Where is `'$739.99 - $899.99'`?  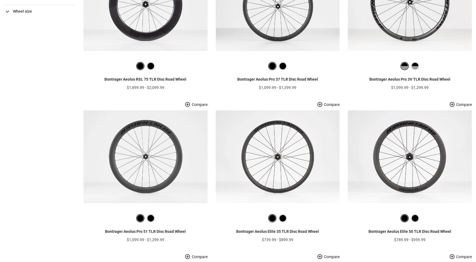
'$739.99 - $899.99' is located at coordinates (278, 248).